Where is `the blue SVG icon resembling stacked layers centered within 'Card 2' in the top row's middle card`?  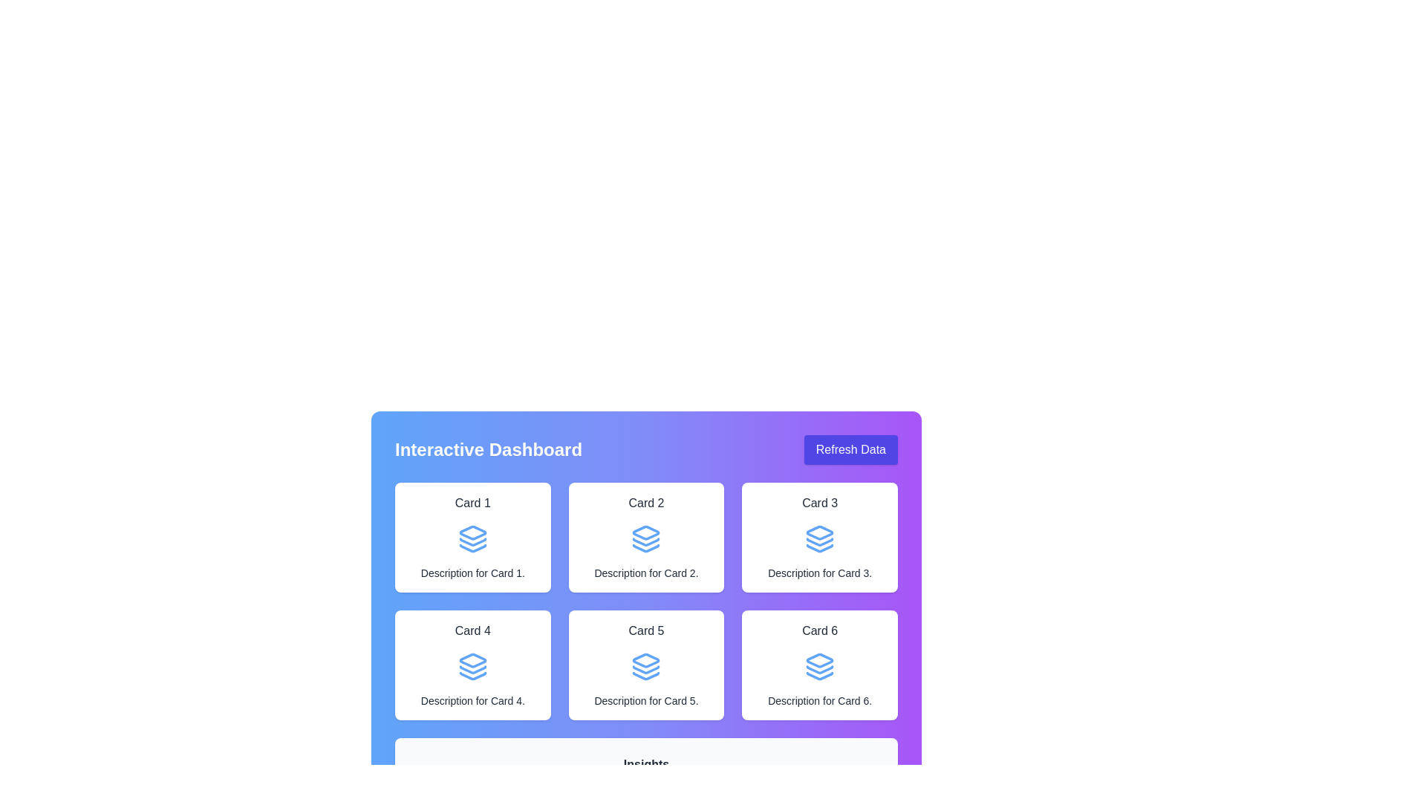
the blue SVG icon resembling stacked layers centered within 'Card 2' in the top row's middle card is located at coordinates (646, 538).